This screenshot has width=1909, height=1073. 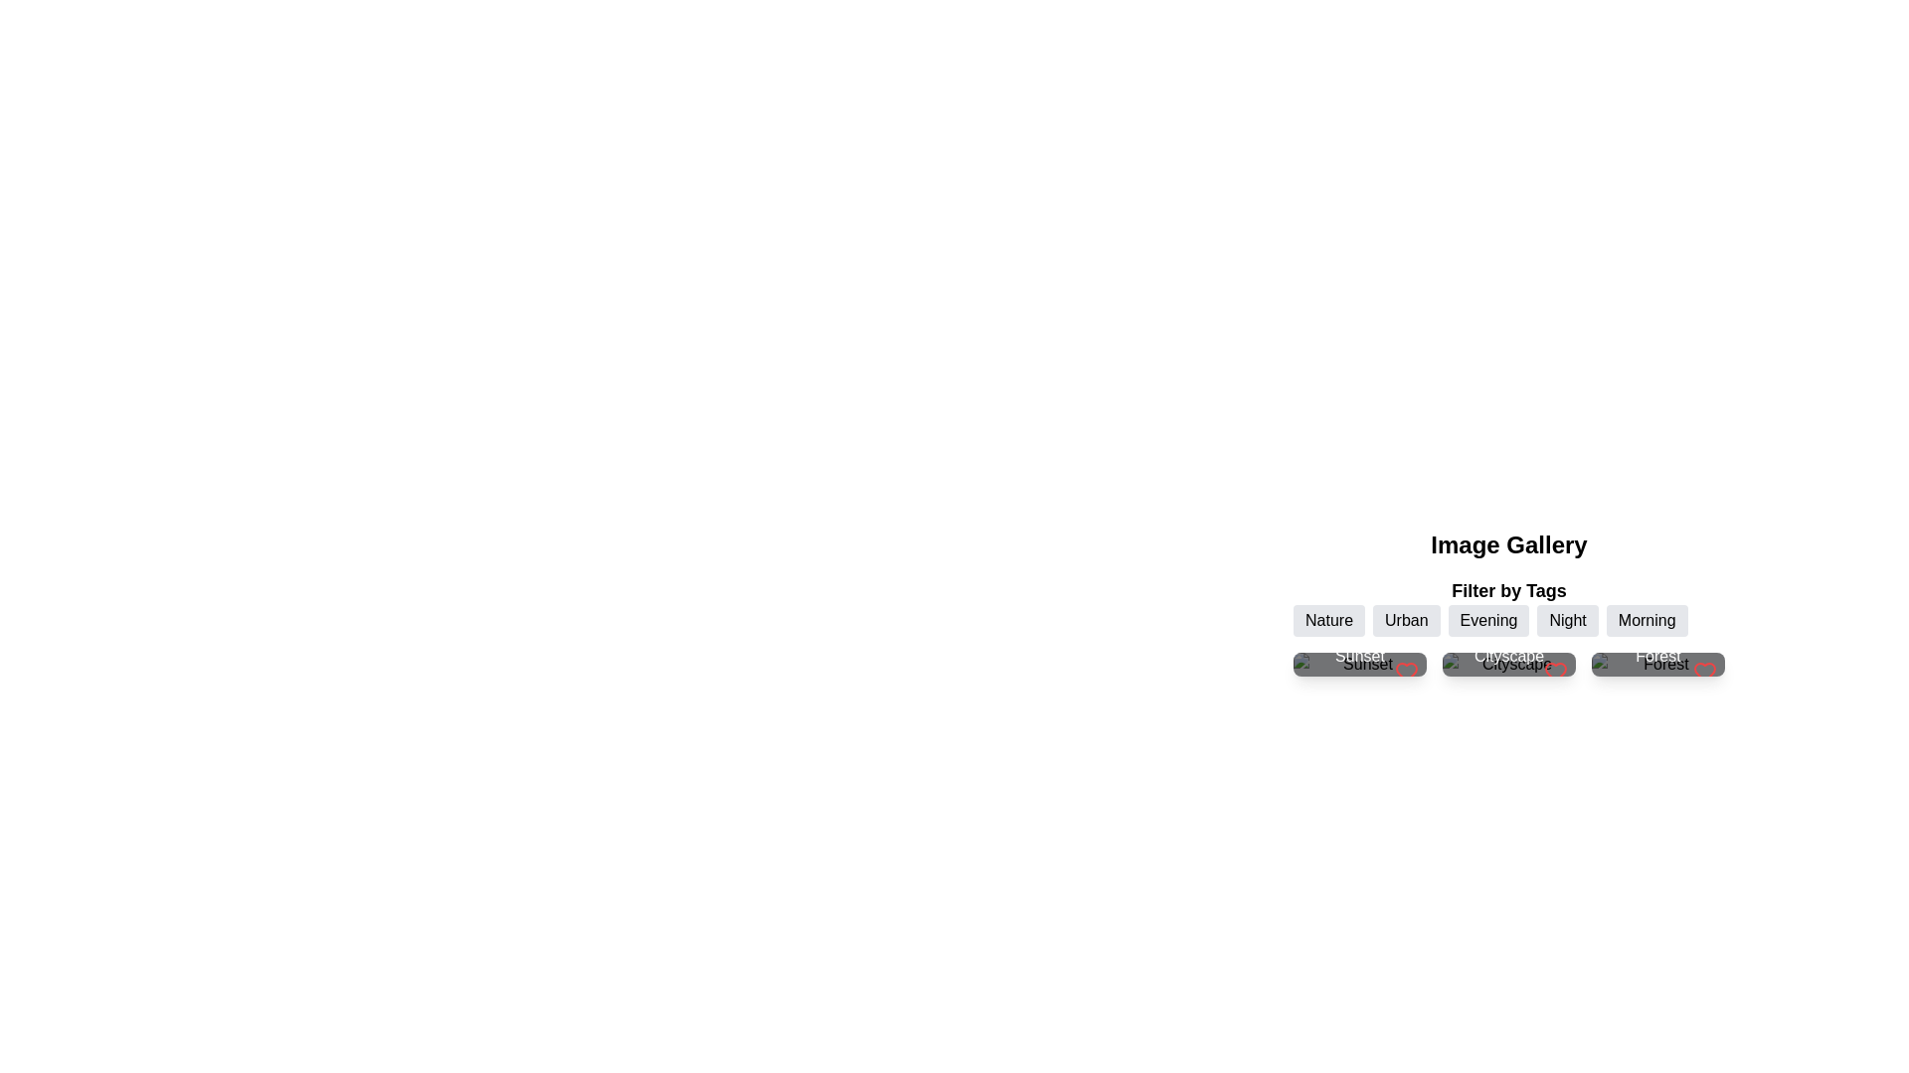 I want to click on the 'Urban' button, which is the second button in a list of five, to apply the 'Urban' filter, so click(x=1405, y=619).